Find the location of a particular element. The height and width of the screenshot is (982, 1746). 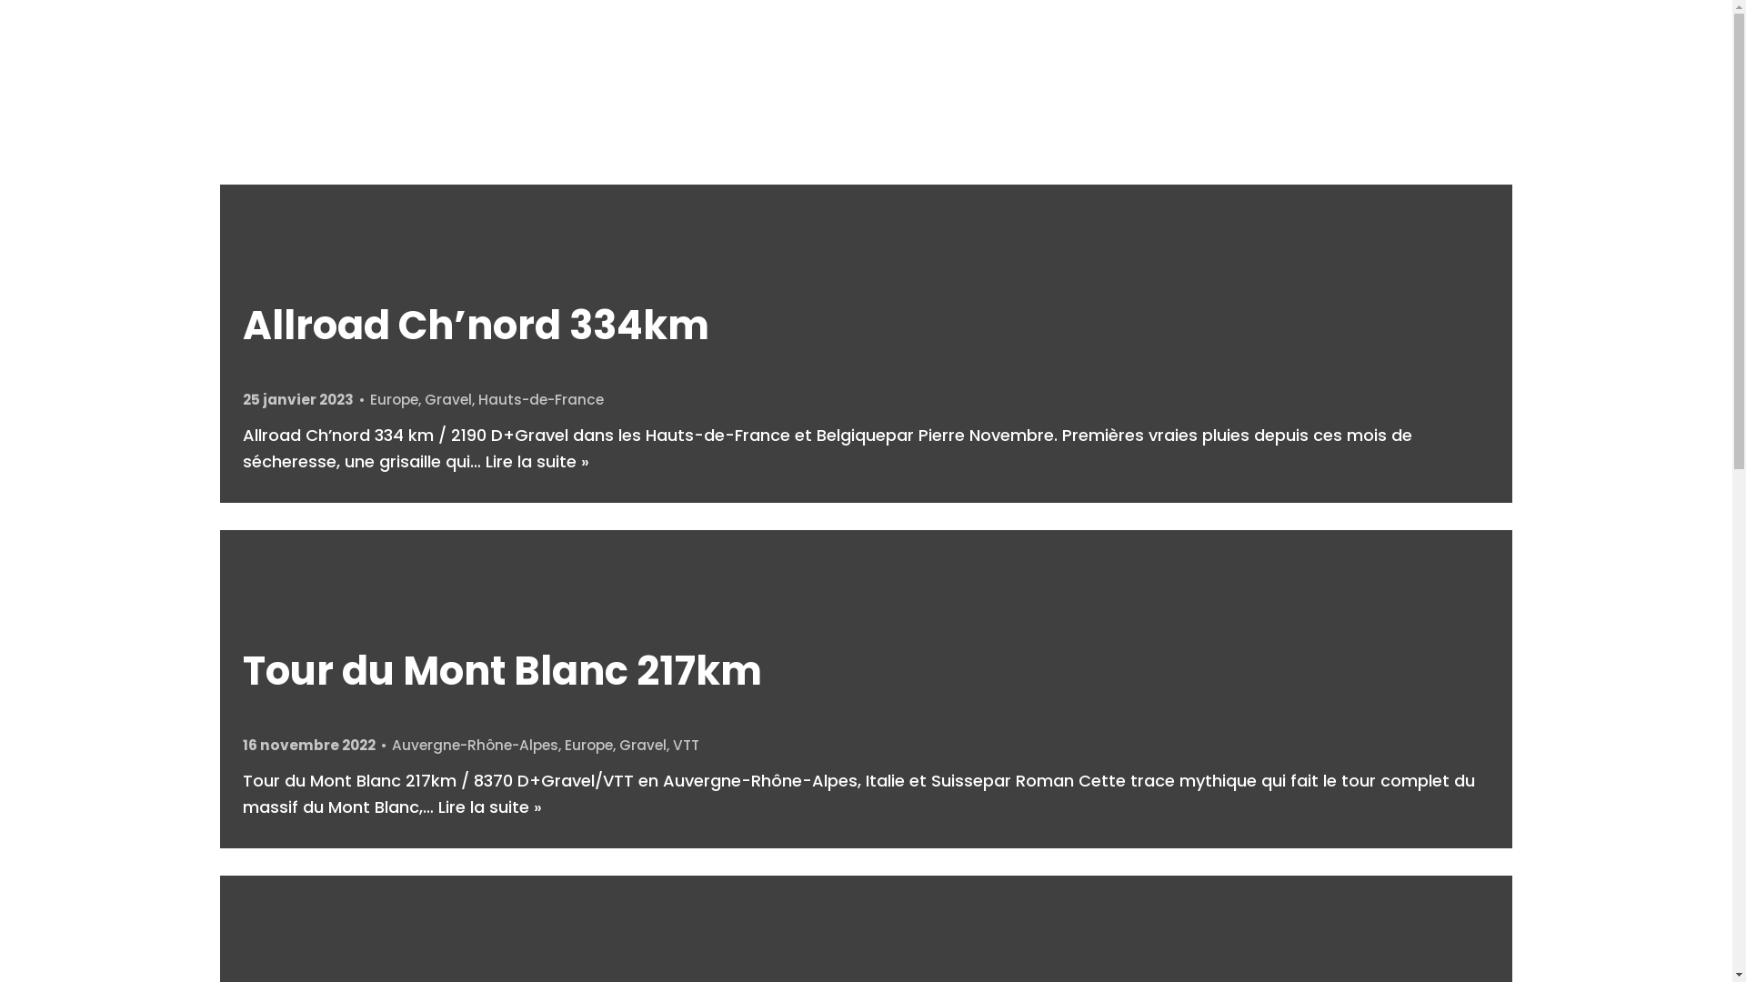

'Gravel' is located at coordinates (642, 745).